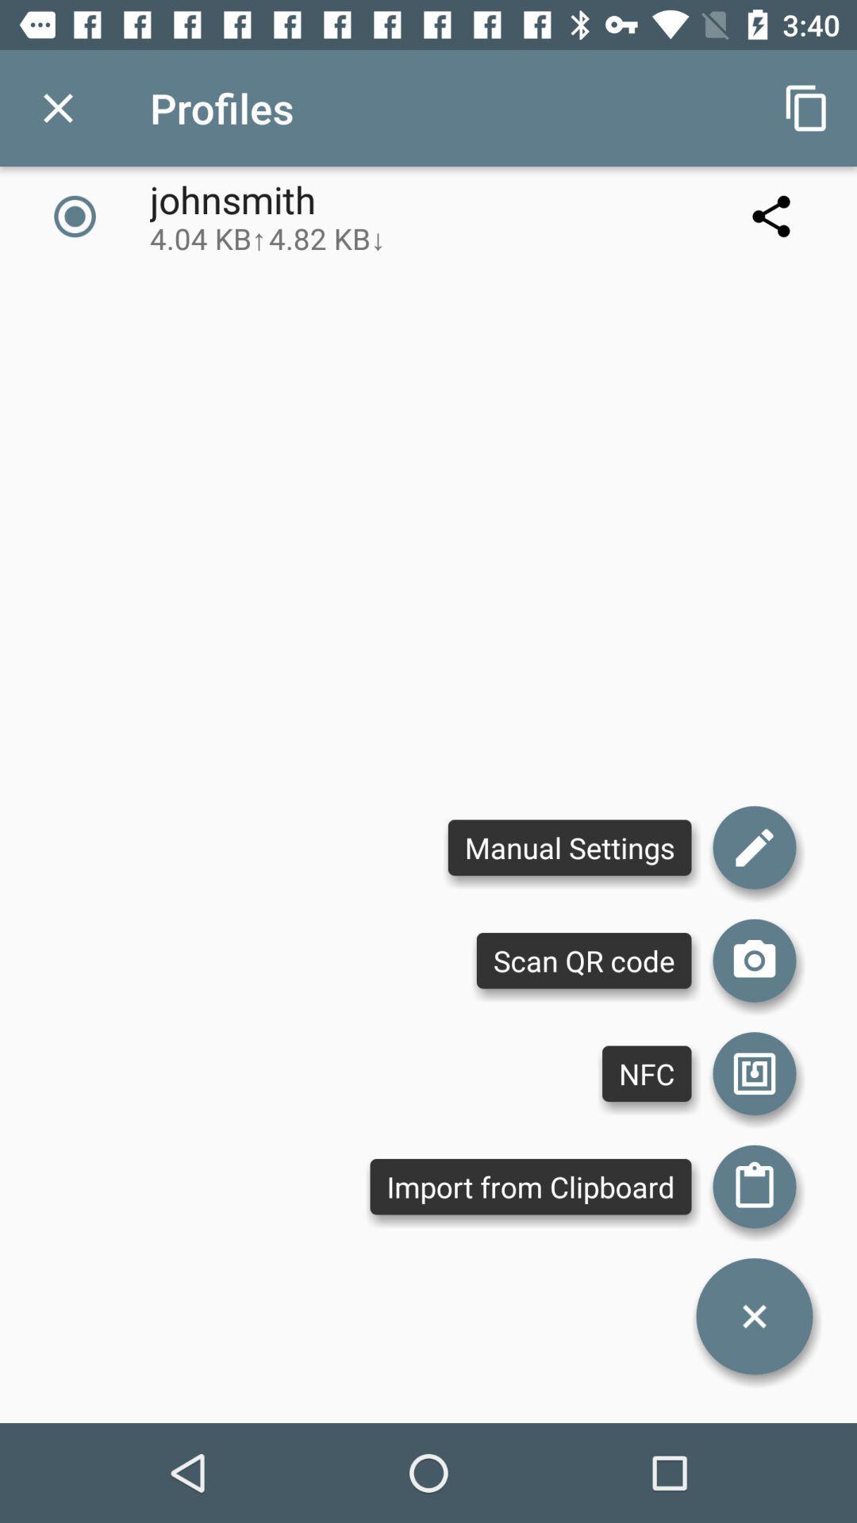  I want to click on scan qr code option, so click(754, 960).